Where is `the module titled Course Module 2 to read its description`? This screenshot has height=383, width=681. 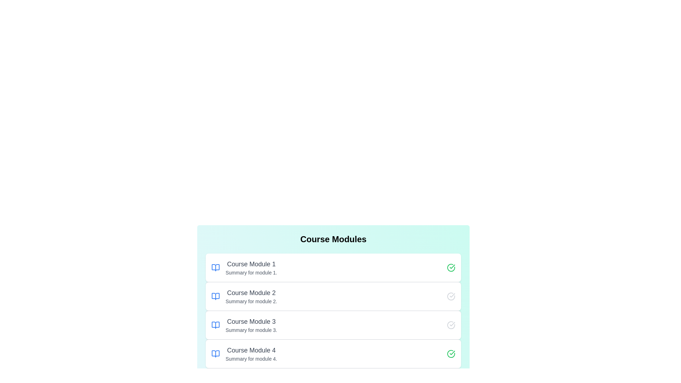
the module titled Course Module 2 to read its description is located at coordinates (333, 296).